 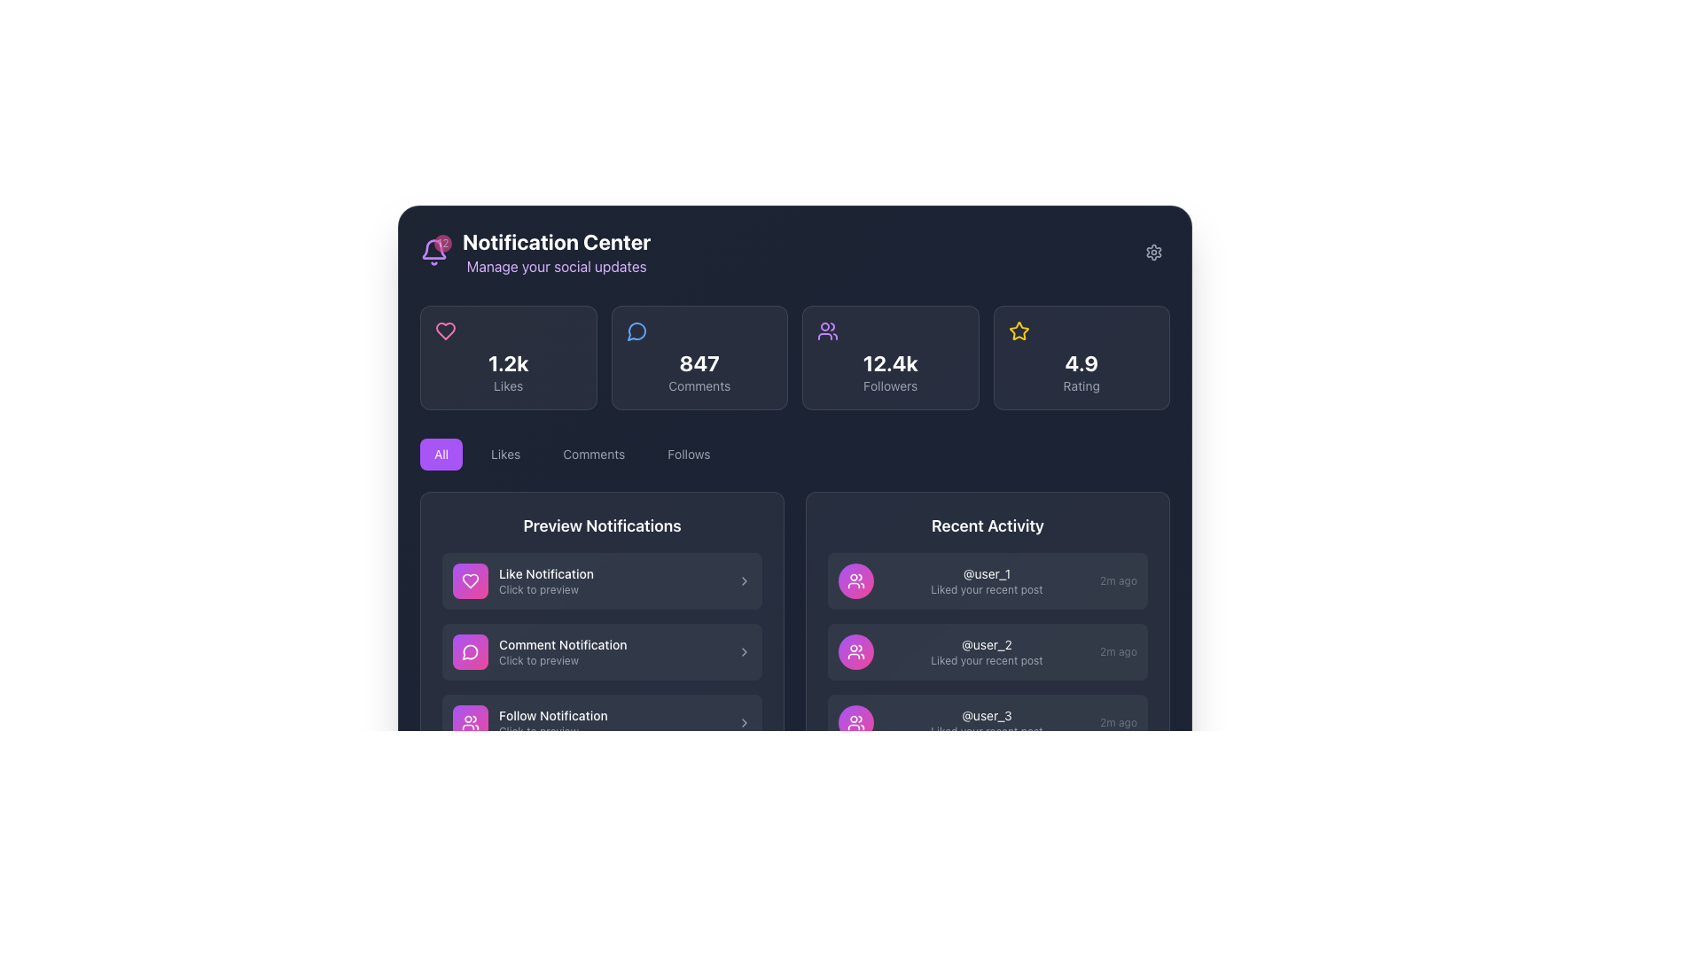 What do you see at coordinates (987, 667) in the screenshot?
I see `the individual notifications in the Notification list` at bounding box center [987, 667].